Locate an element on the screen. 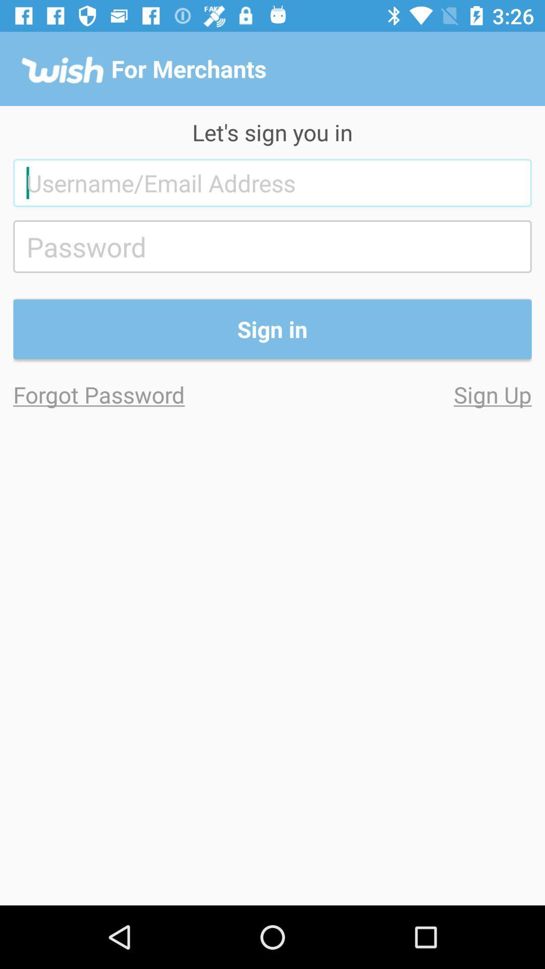 This screenshot has height=969, width=545. the item on the right is located at coordinates (401, 394).